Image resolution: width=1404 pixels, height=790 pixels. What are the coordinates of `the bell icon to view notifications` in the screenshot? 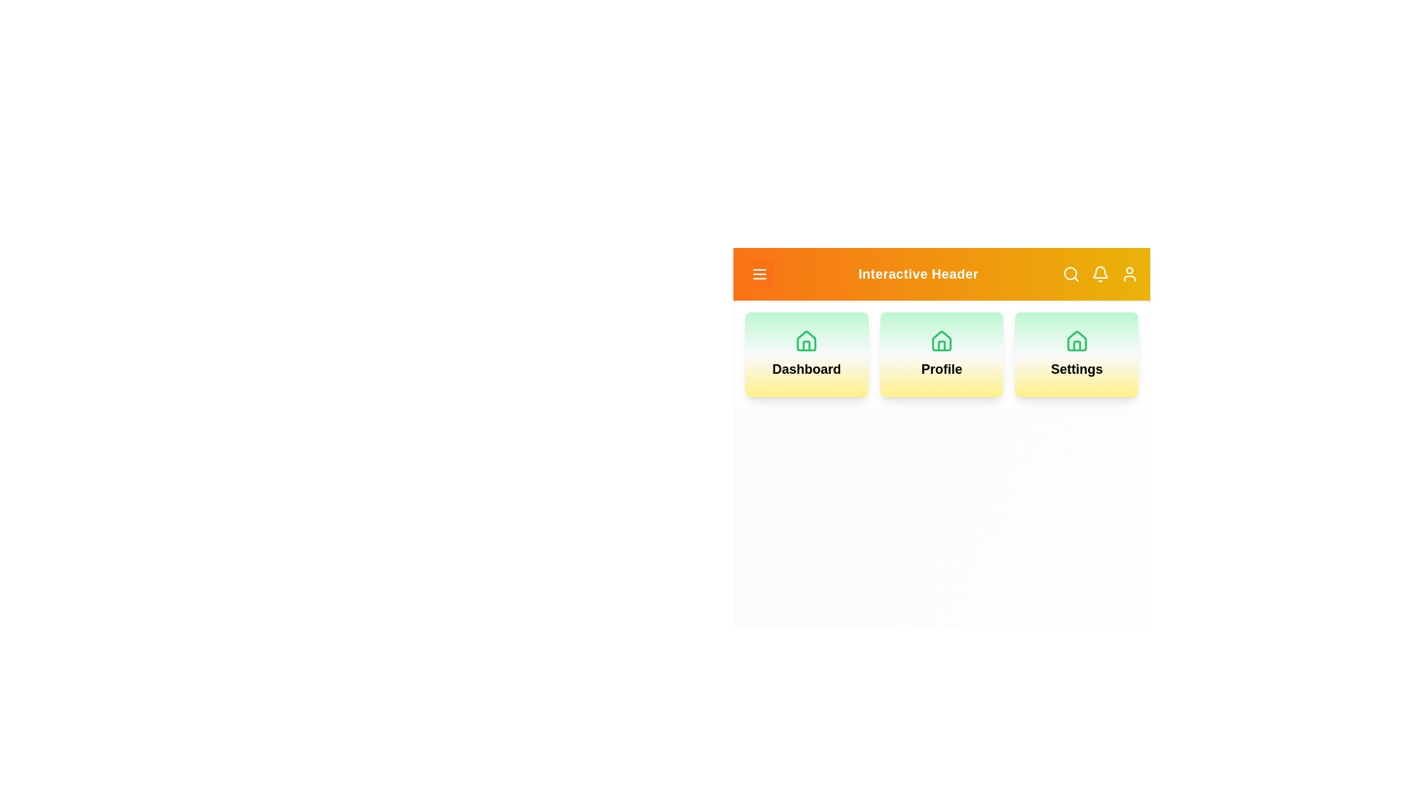 It's located at (1101, 274).